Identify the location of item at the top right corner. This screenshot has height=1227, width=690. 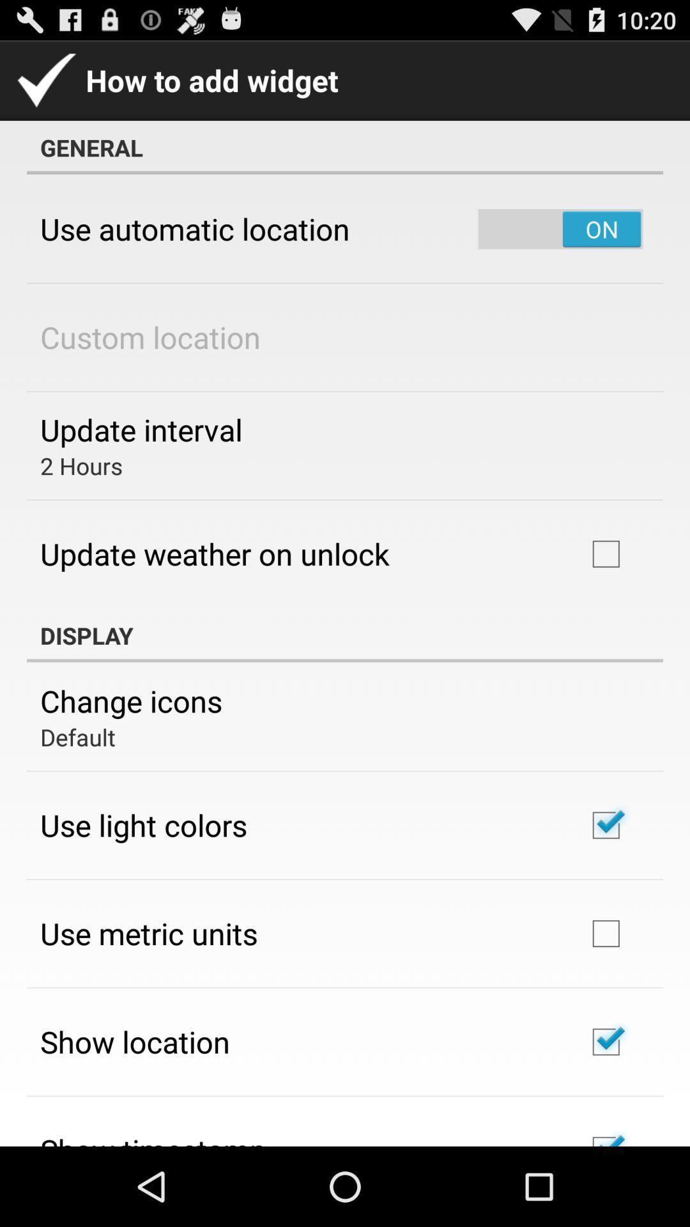
(560, 229).